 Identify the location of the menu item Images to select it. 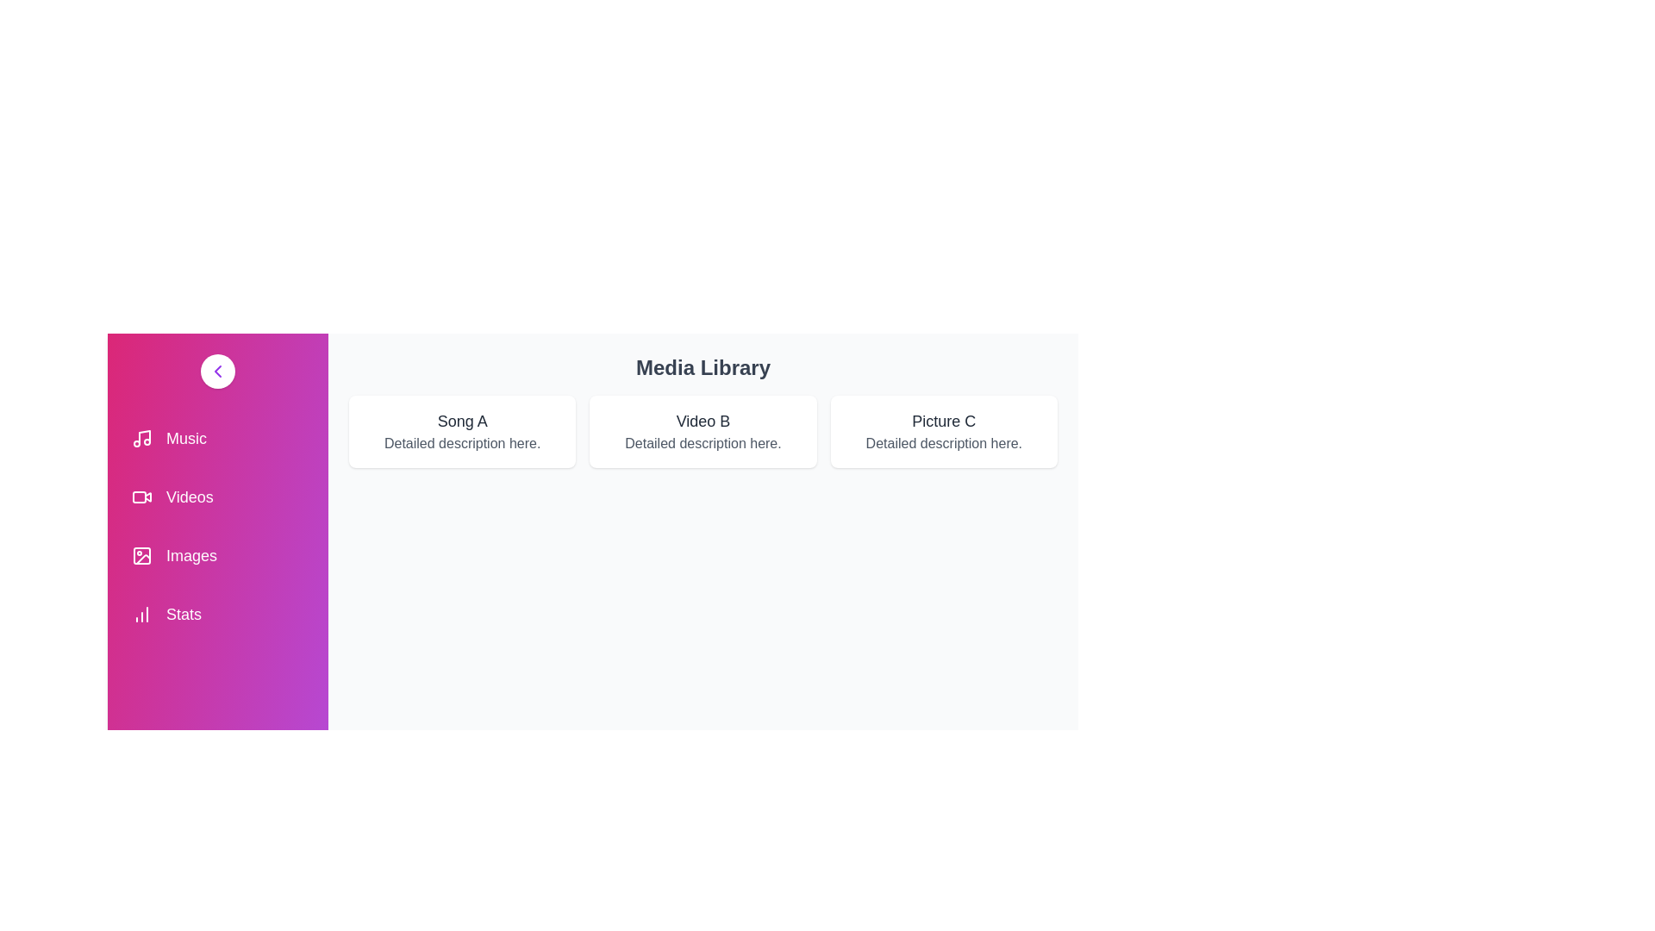
(217, 555).